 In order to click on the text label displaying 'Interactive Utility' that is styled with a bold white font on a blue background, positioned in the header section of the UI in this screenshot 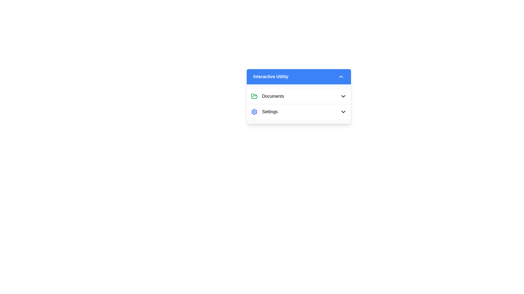, I will do `click(271, 76)`.